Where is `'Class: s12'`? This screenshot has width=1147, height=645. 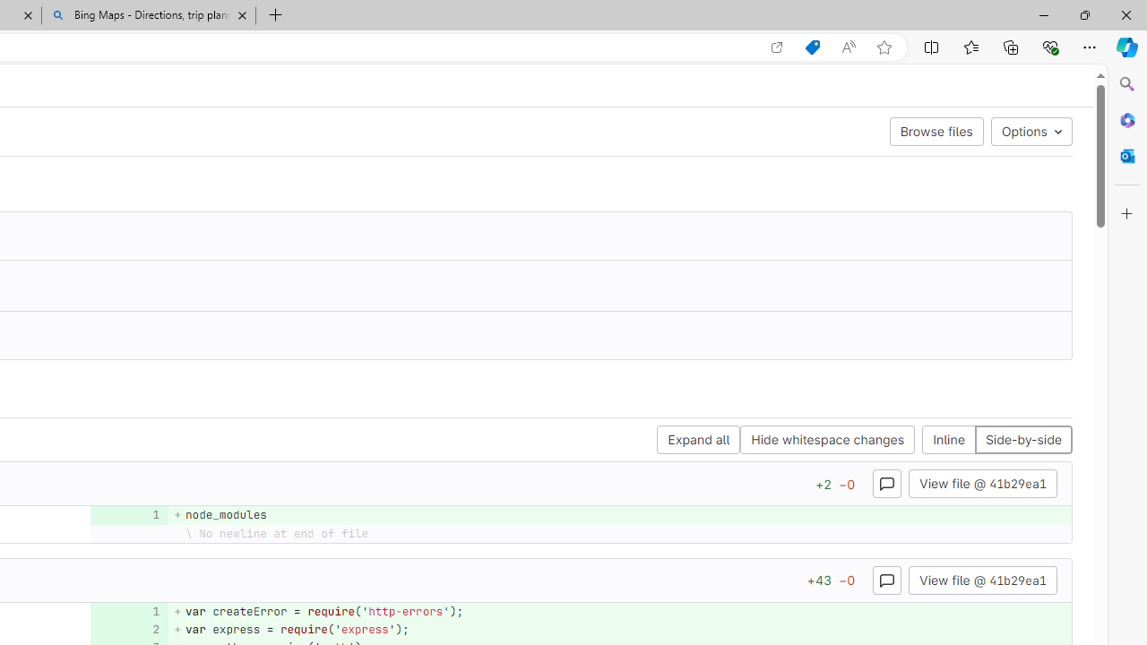 'Class: s12' is located at coordinates (123, 627).